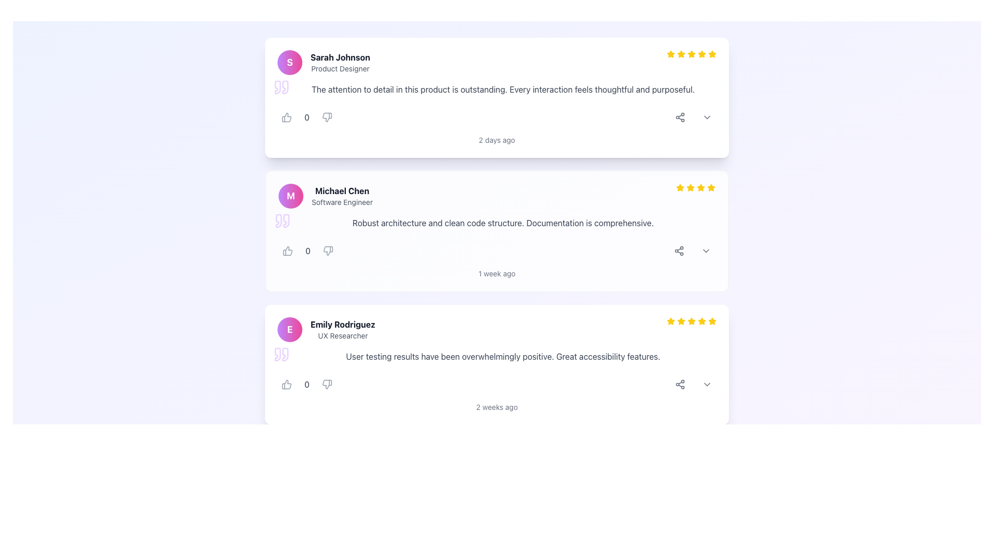 The width and height of the screenshot is (994, 559). What do you see at coordinates (279, 220) in the screenshot?
I see `the decorative quote icon located to the left of Michael Chen's avatar, which is inside a purple circle and positioned above the username and title text` at bounding box center [279, 220].